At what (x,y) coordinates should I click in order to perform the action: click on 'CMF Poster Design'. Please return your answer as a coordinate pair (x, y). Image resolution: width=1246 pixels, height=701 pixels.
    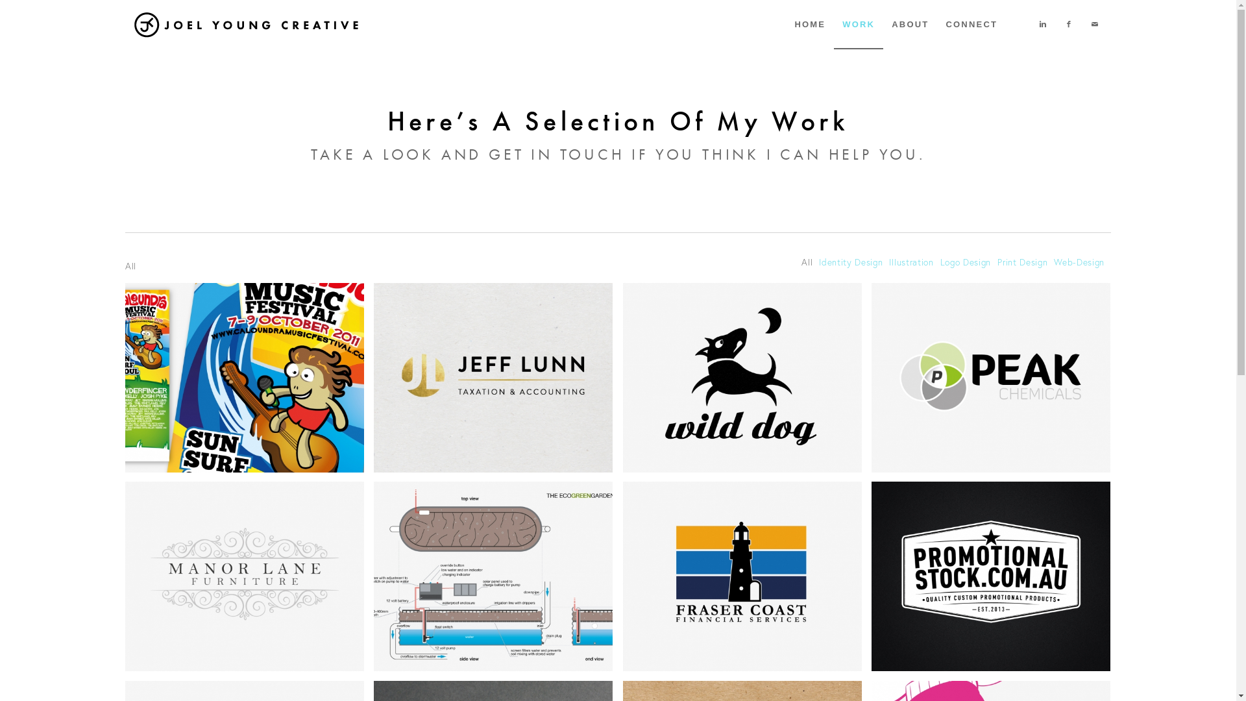
    Looking at the image, I should click on (245, 378).